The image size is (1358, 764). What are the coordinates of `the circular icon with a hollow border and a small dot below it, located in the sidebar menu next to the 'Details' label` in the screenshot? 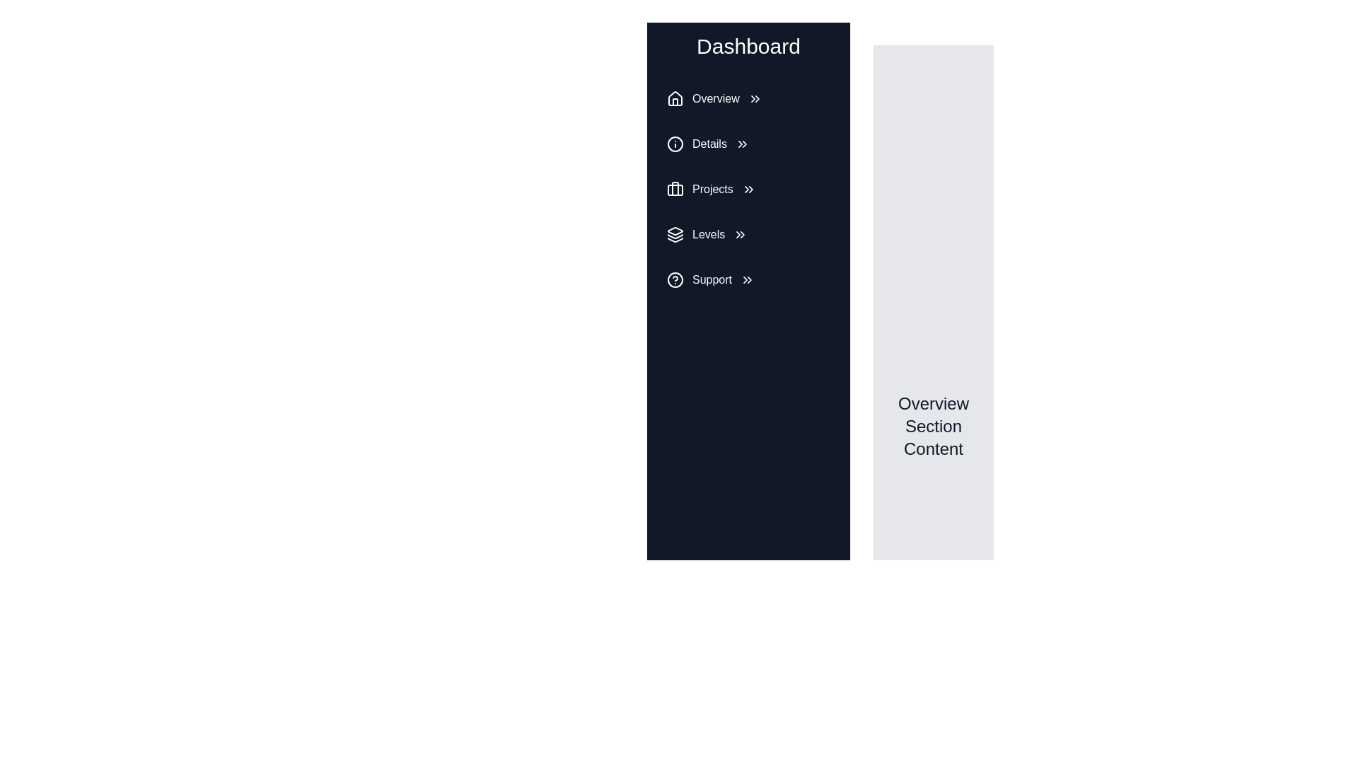 It's located at (675, 144).